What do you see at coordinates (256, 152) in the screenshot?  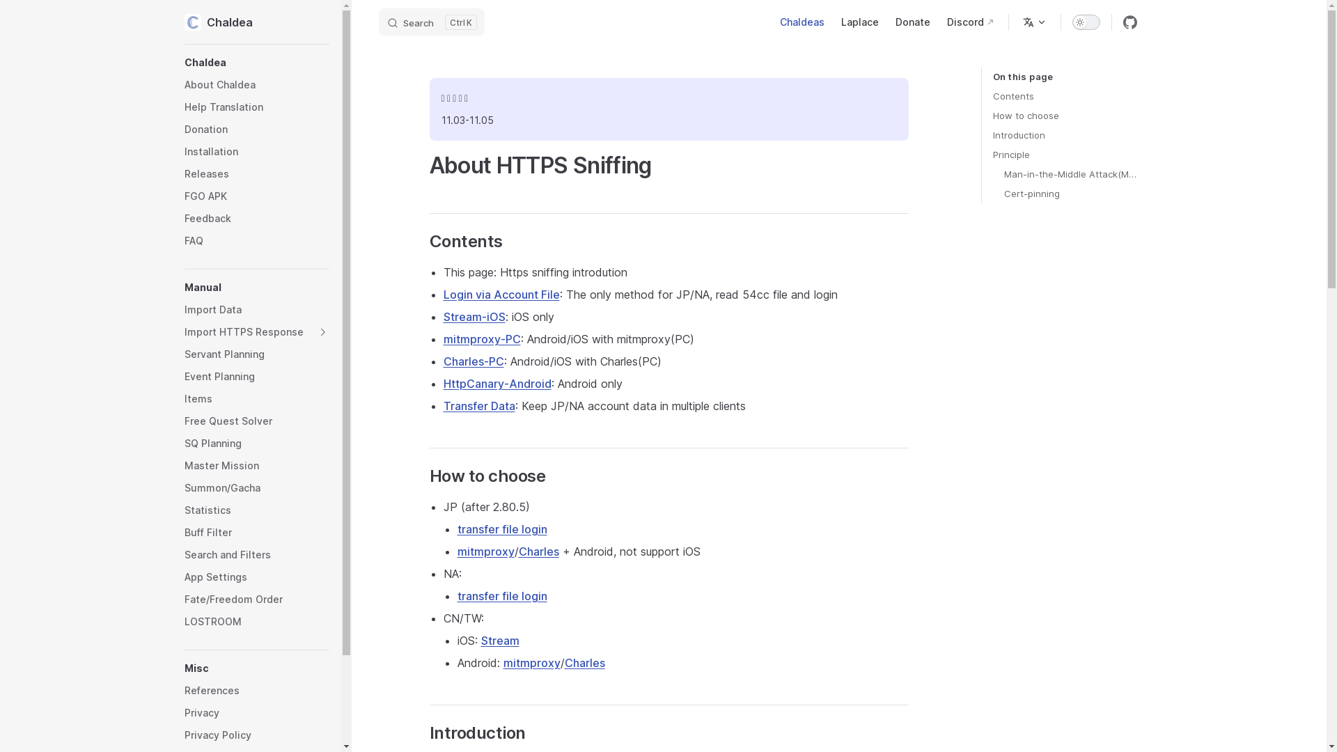 I see `'Installation'` at bounding box center [256, 152].